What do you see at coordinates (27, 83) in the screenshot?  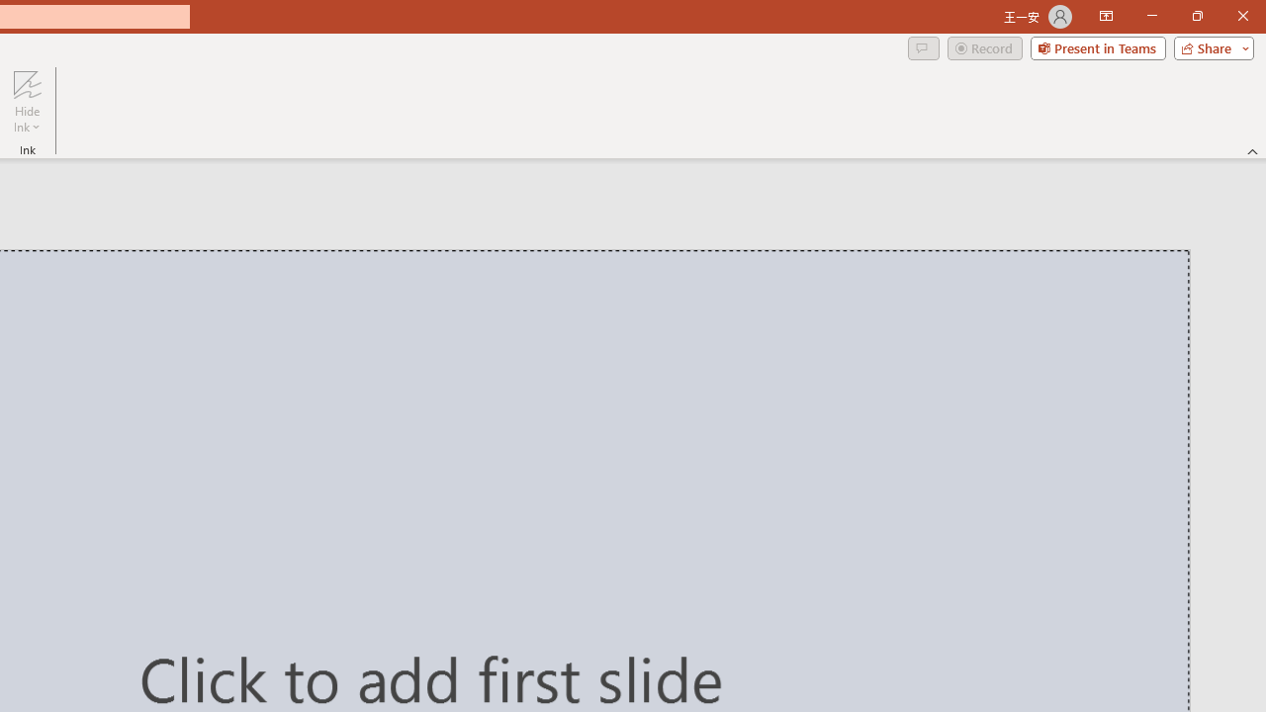 I see `'Hide Ink'` at bounding box center [27, 83].